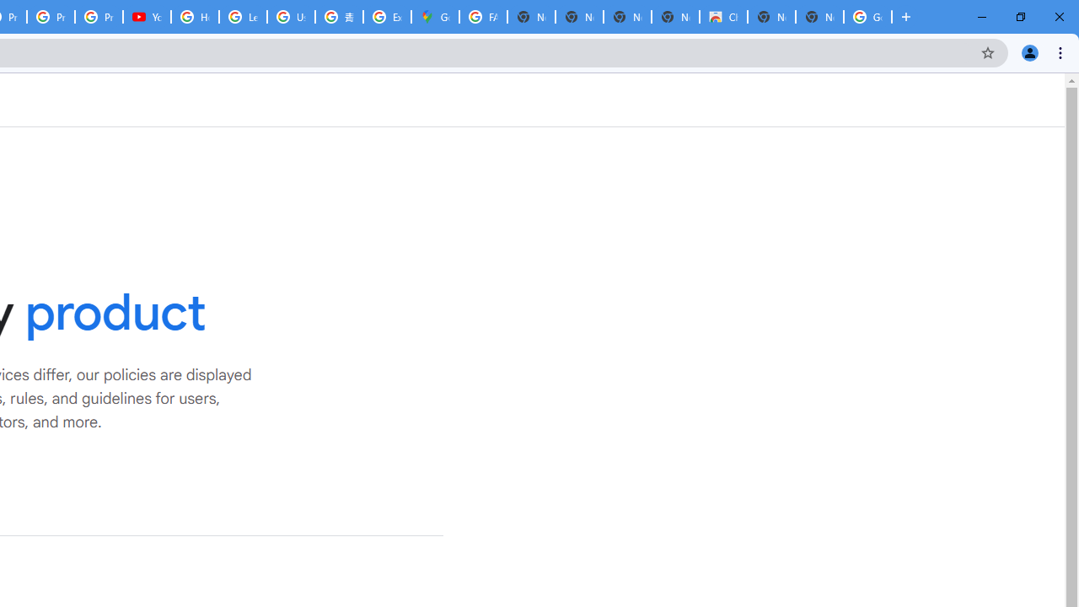 The width and height of the screenshot is (1079, 607). I want to click on 'YouTube', so click(147, 17).